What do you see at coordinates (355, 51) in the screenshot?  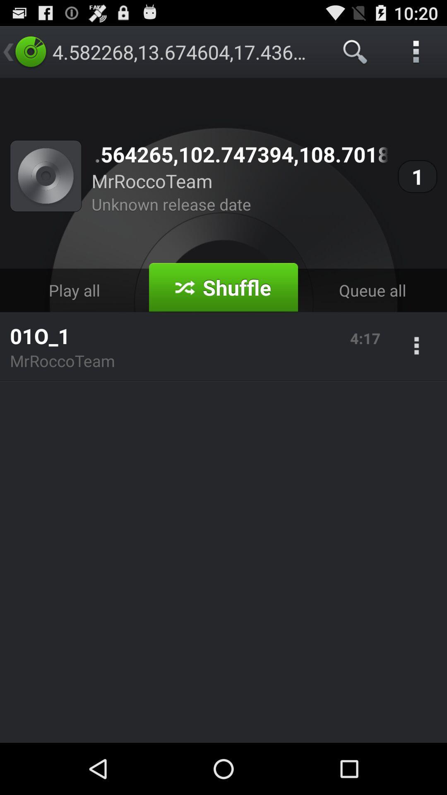 I see `the app next to 4 582268 13 item` at bounding box center [355, 51].